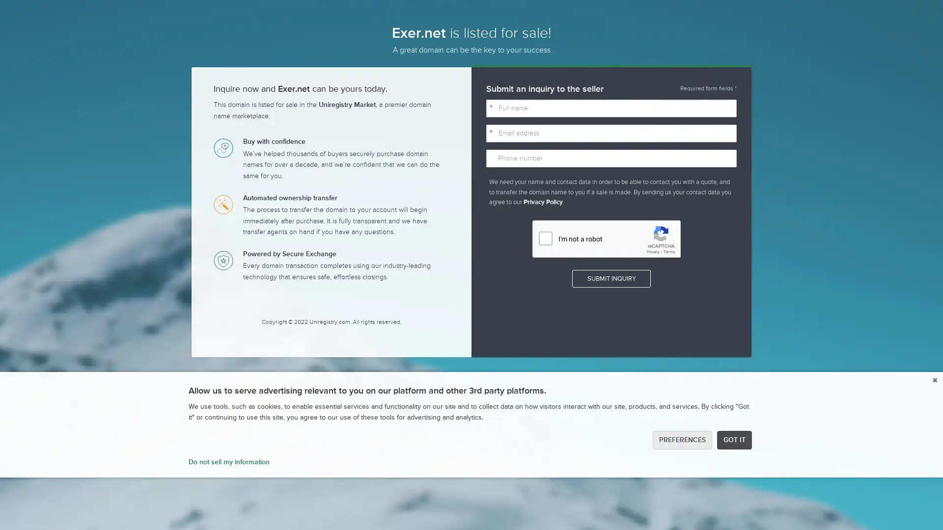 This screenshot has height=530, width=943. Describe the element at coordinates (610, 278) in the screenshot. I see `SUBMIT INQUIRY` at that location.